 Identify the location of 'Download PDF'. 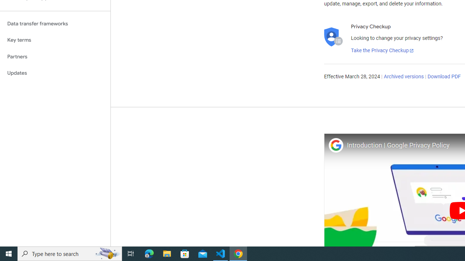
(444, 77).